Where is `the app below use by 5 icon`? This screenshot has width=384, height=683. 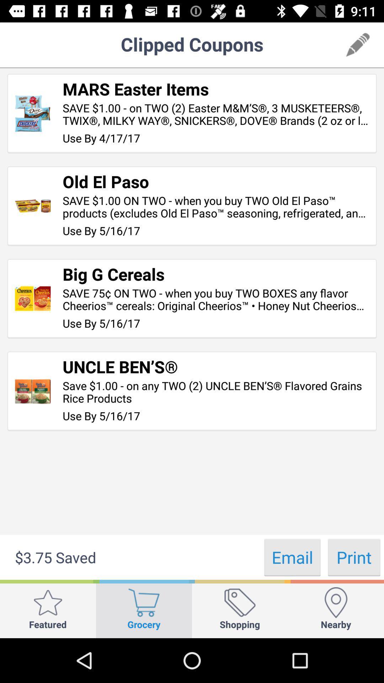
the app below use by 5 icon is located at coordinates (292, 557).